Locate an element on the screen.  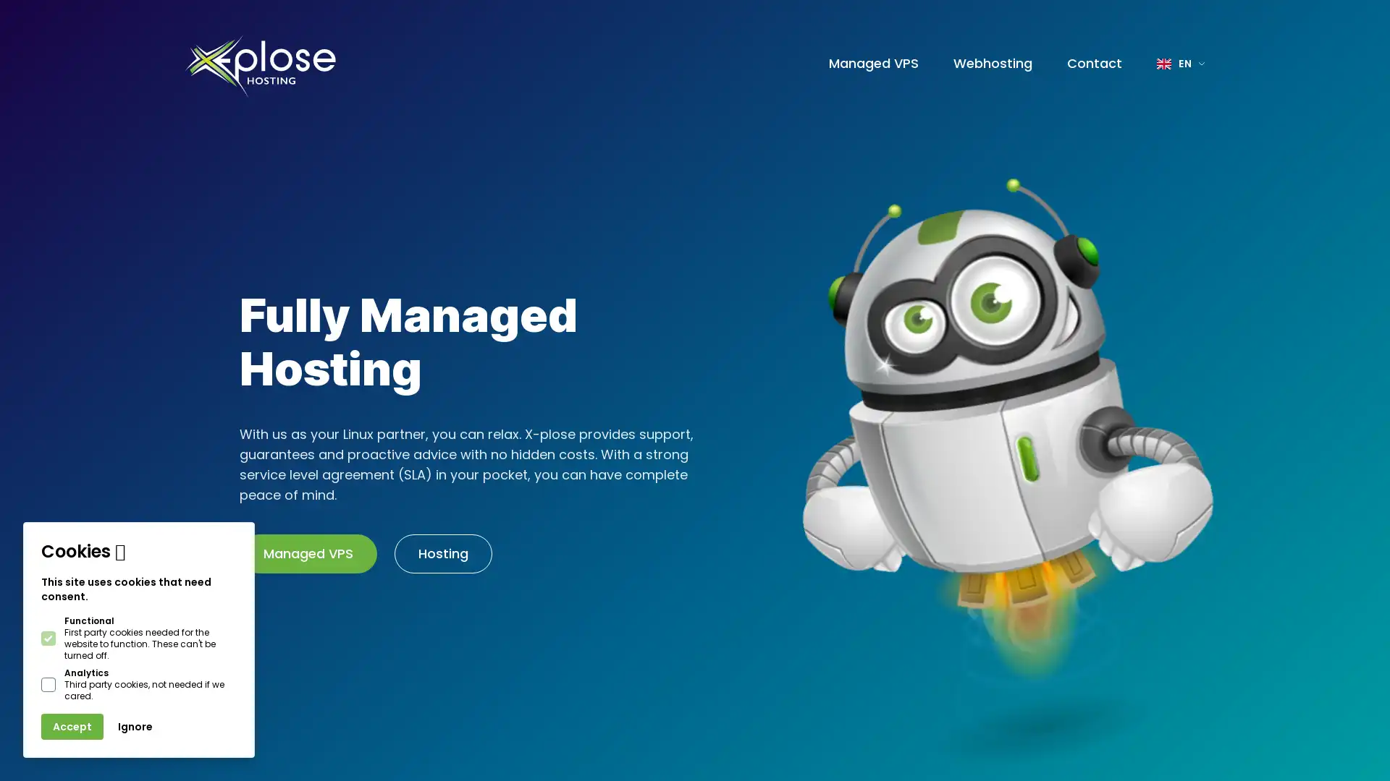
Ignore is located at coordinates (135, 727).